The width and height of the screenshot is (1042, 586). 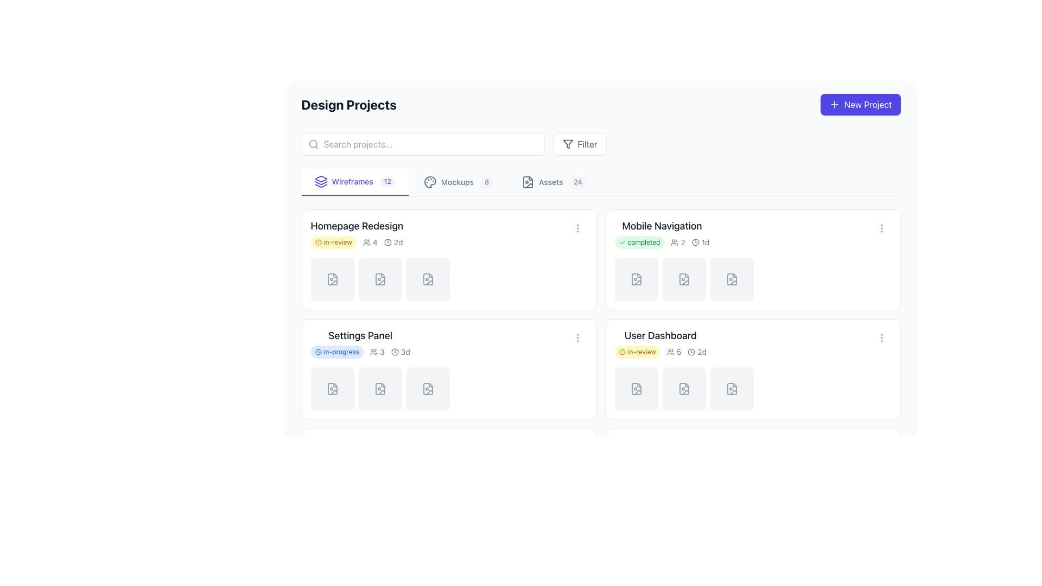 What do you see at coordinates (732, 279) in the screenshot?
I see `the small light gray file icon in the second slot of the 'Mobile Navigation' card` at bounding box center [732, 279].